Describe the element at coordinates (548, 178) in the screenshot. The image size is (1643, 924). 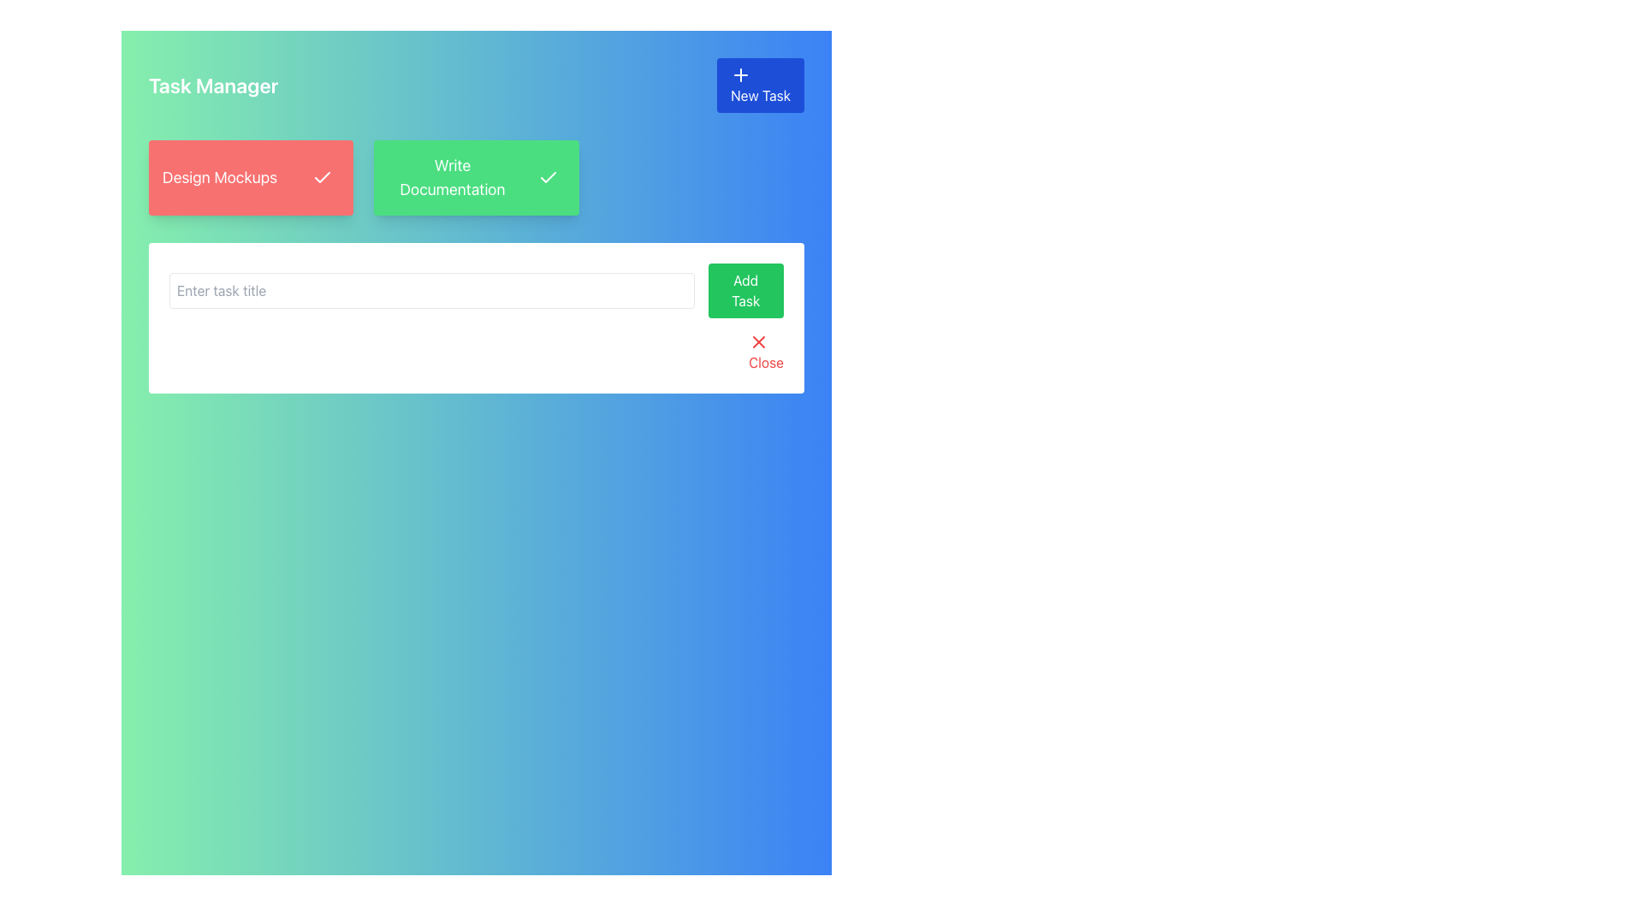
I see `the small checkmark icon within the green 'Write Documentation' button` at that location.